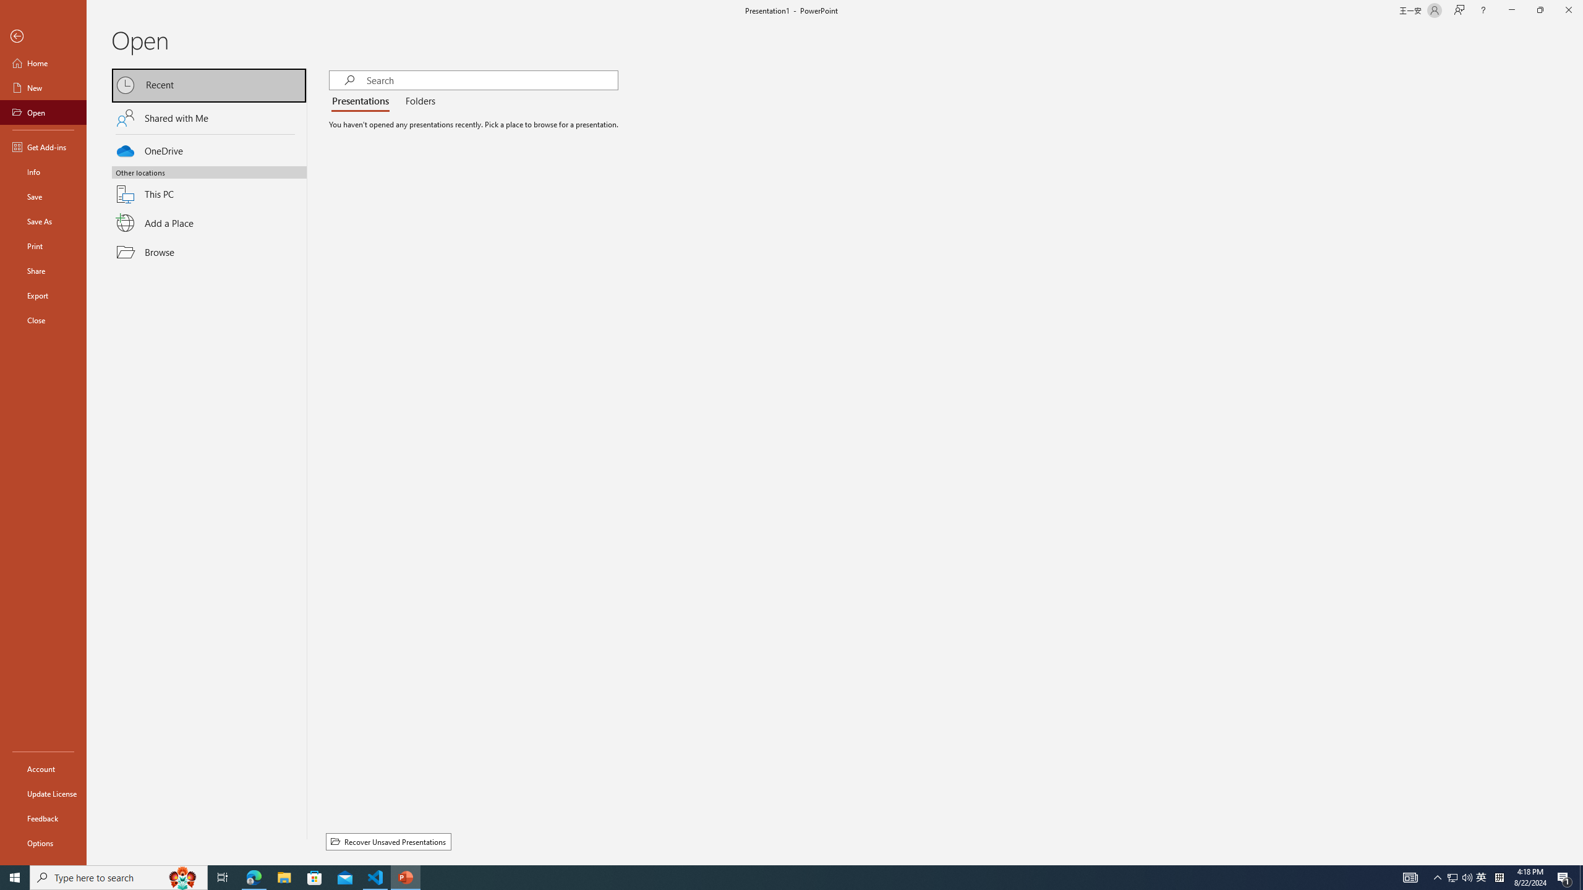 This screenshot has width=1583, height=890. What do you see at coordinates (43, 245) in the screenshot?
I see `'Print'` at bounding box center [43, 245].